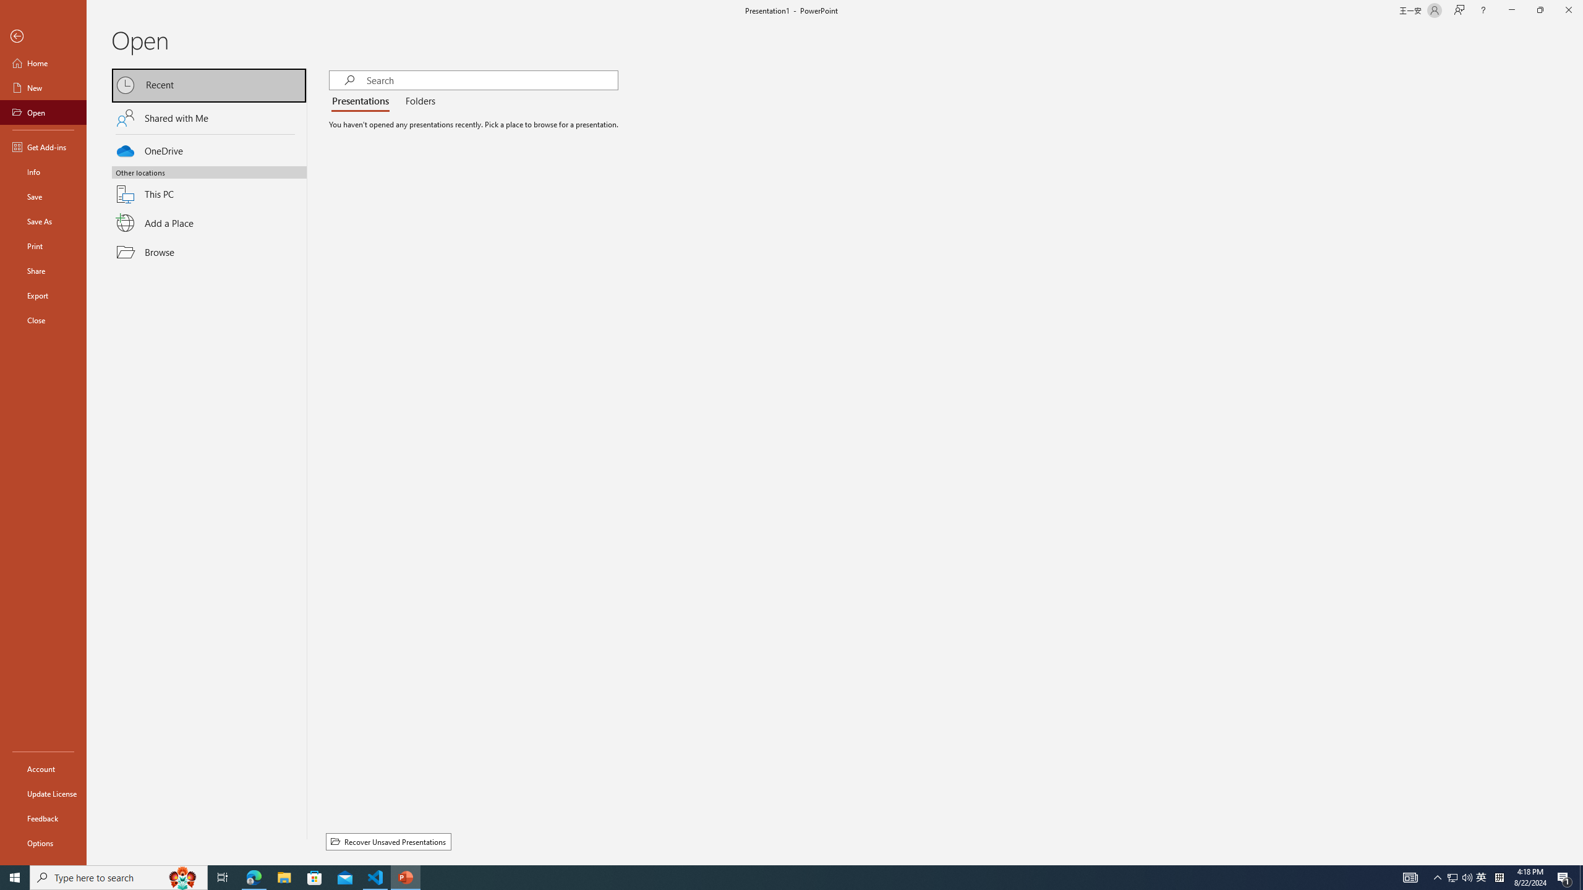 This screenshot has width=1583, height=890. What do you see at coordinates (43, 245) in the screenshot?
I see `'Print'` at bounding box center [43, 245].